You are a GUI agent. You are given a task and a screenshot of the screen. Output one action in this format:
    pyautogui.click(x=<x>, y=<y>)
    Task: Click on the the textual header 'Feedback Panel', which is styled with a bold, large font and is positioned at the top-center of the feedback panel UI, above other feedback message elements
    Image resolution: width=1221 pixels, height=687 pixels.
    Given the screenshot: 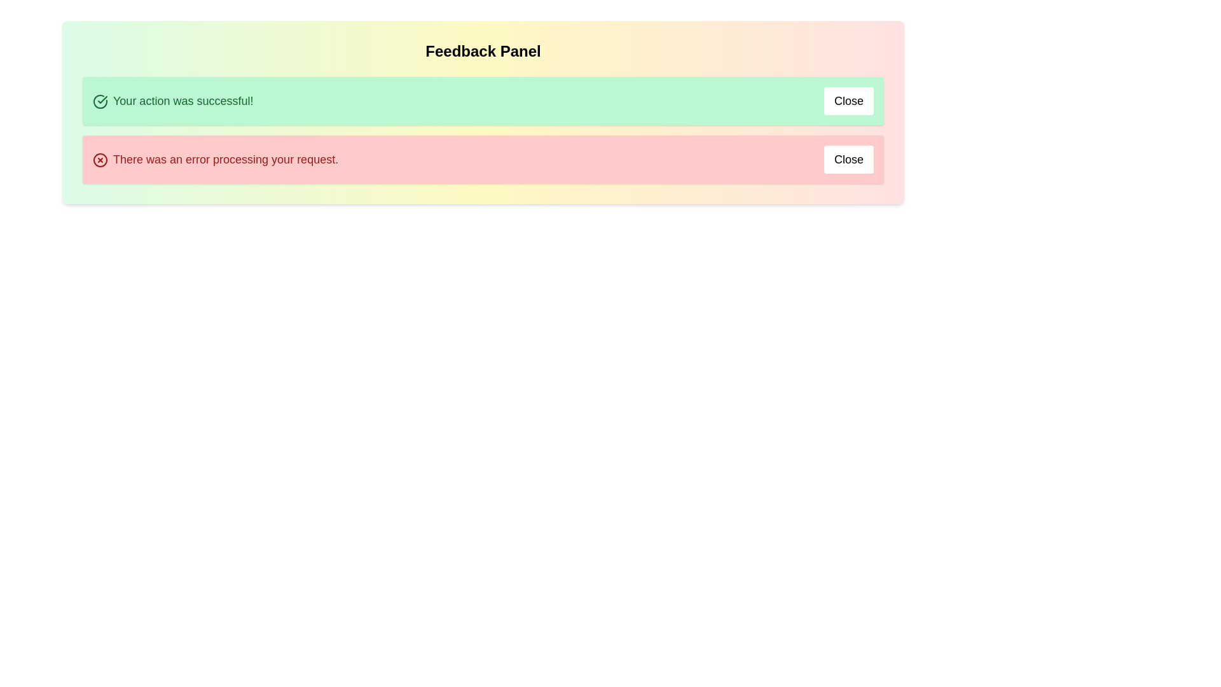 What is the action you would take?
    pyautogui.click(x=482, y=51)
    